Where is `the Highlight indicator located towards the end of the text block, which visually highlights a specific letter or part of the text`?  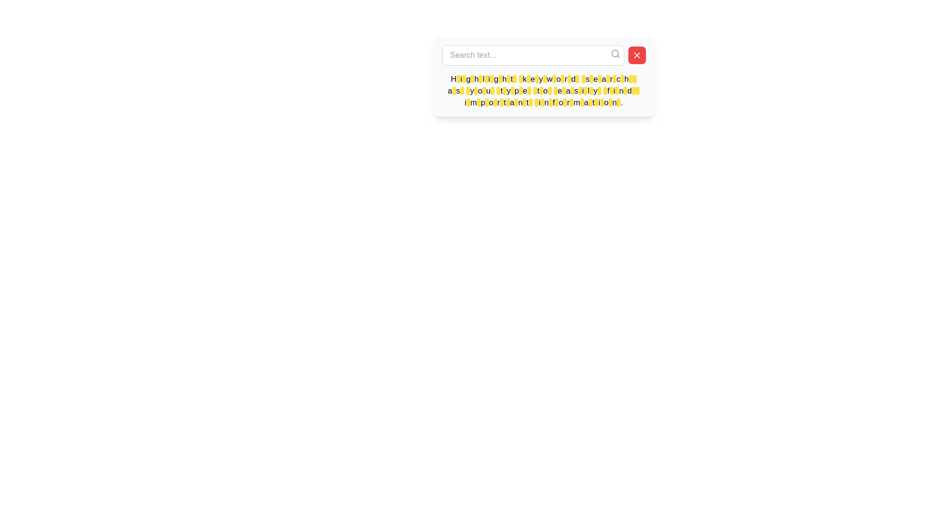
the Highlight indicator located towards the end of the text block, which visually highlights a specific letter or part of the text is located at coordinates (618, 102).